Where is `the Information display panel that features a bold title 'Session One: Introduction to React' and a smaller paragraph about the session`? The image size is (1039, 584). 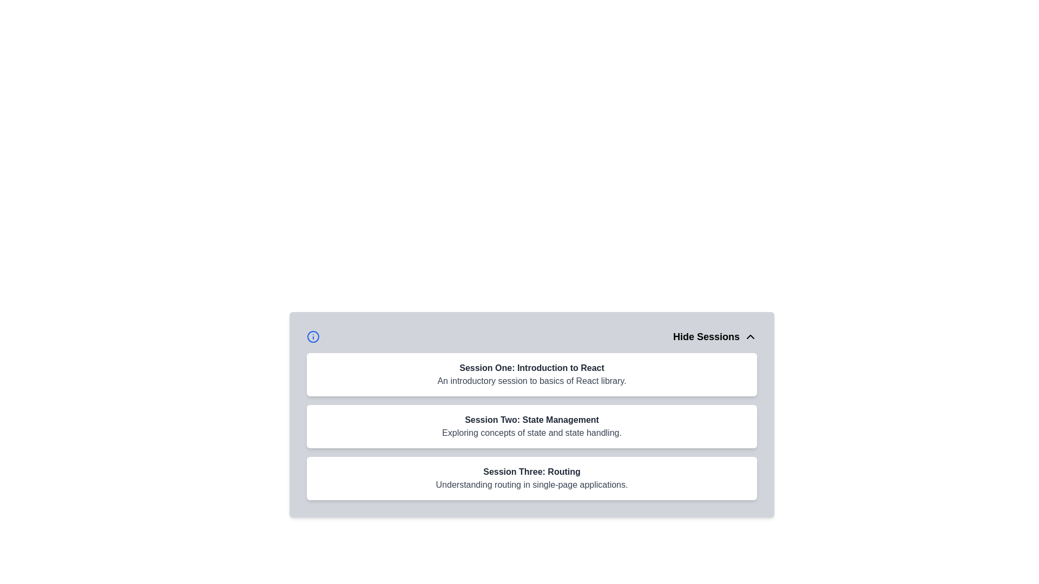 the Information display panel that features a bold title 'Session One: Introduction to React' and a smaller paragraph about the session is located at coordinates (532, 374).